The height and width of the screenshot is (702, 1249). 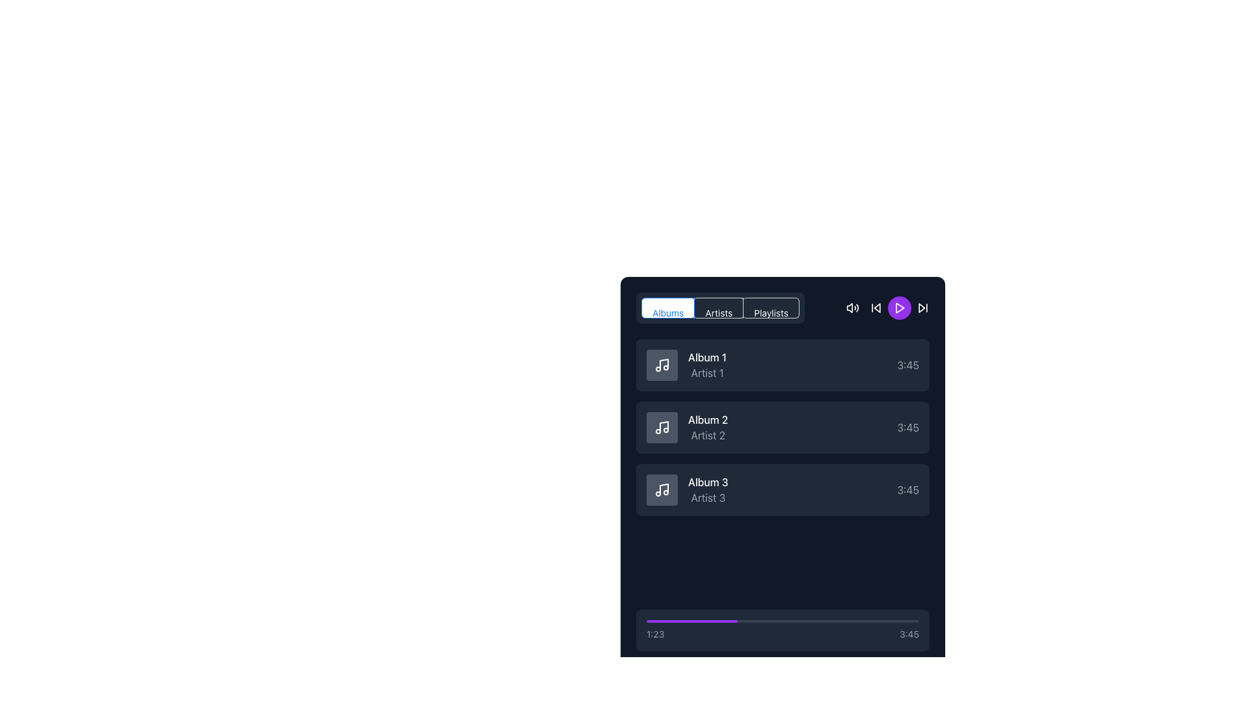 What do you see at coordinates (839, 621) in the screenshot?
I see `playback position` at bounding box center [839, 621].